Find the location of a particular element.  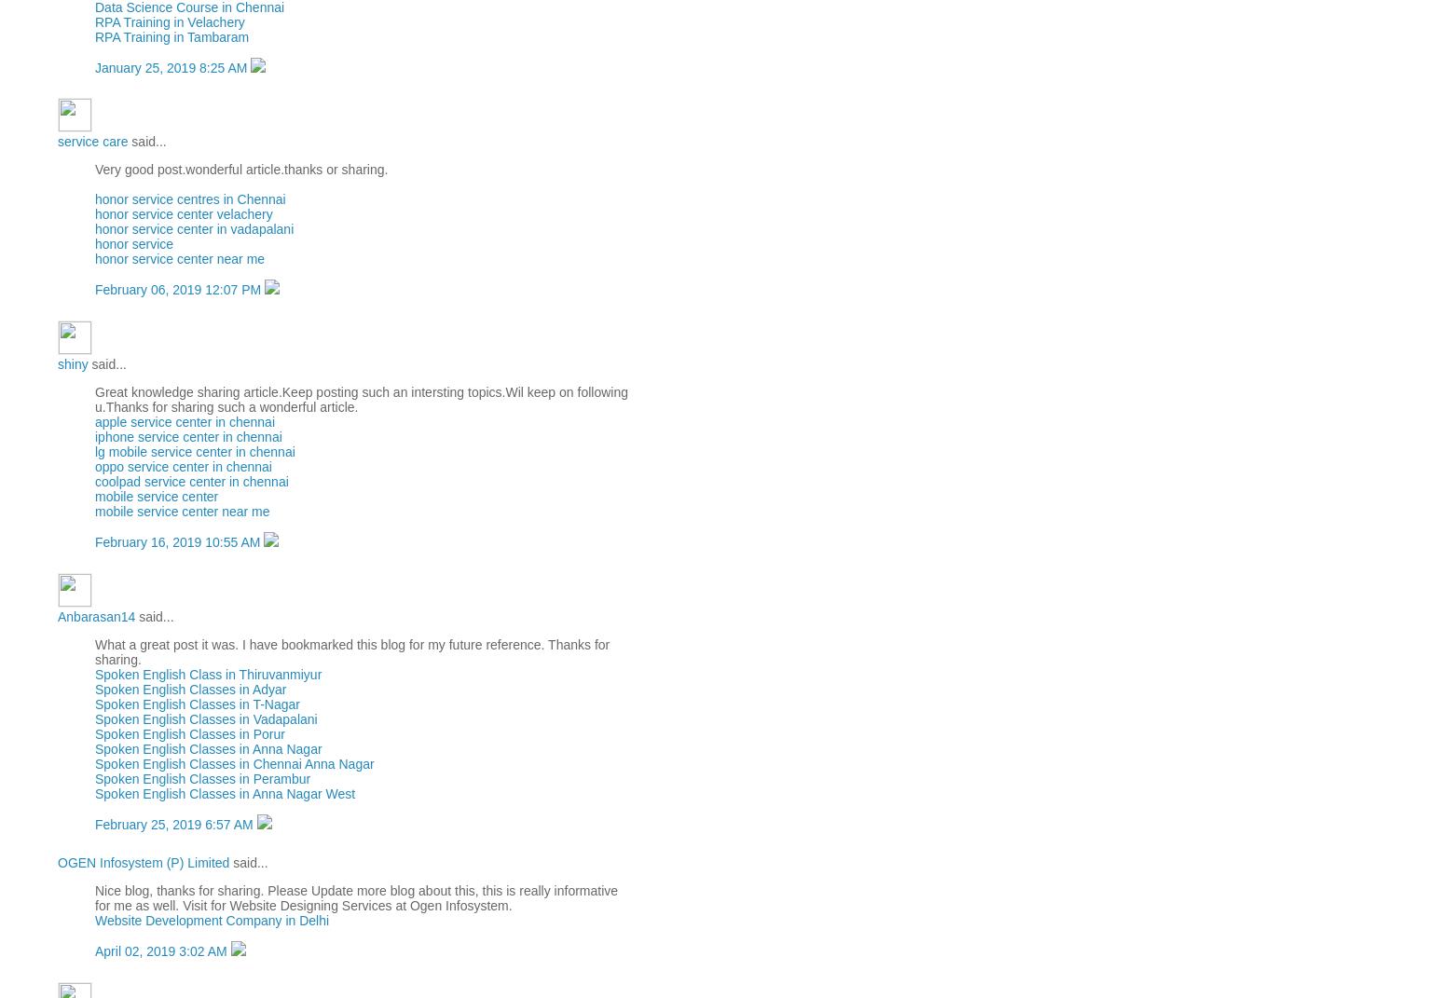

'What a great post it was. I have bookmarked this blog for my future reference. Thanks for sharing.' is located at coordinates (351, 651).